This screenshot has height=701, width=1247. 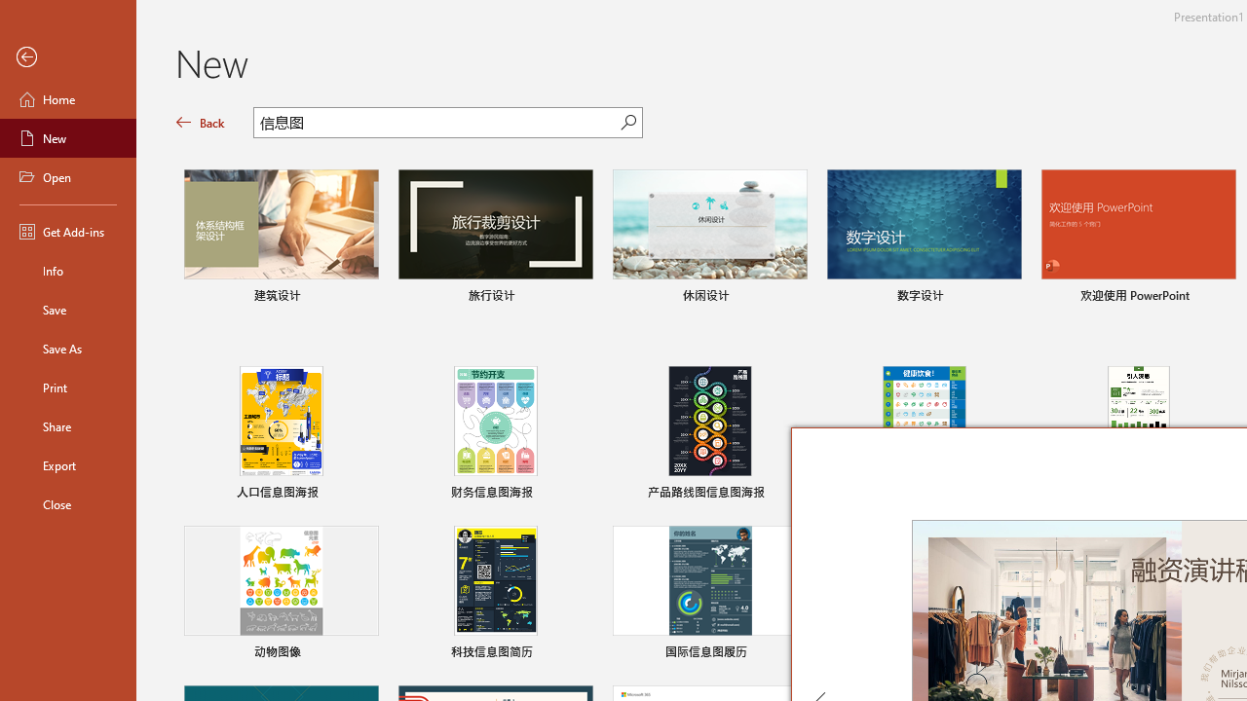 What do you see at coordinates (436, 125) in the screenshot?
I see `'Search for online templates and themes'` at bounding box center [436, 125].